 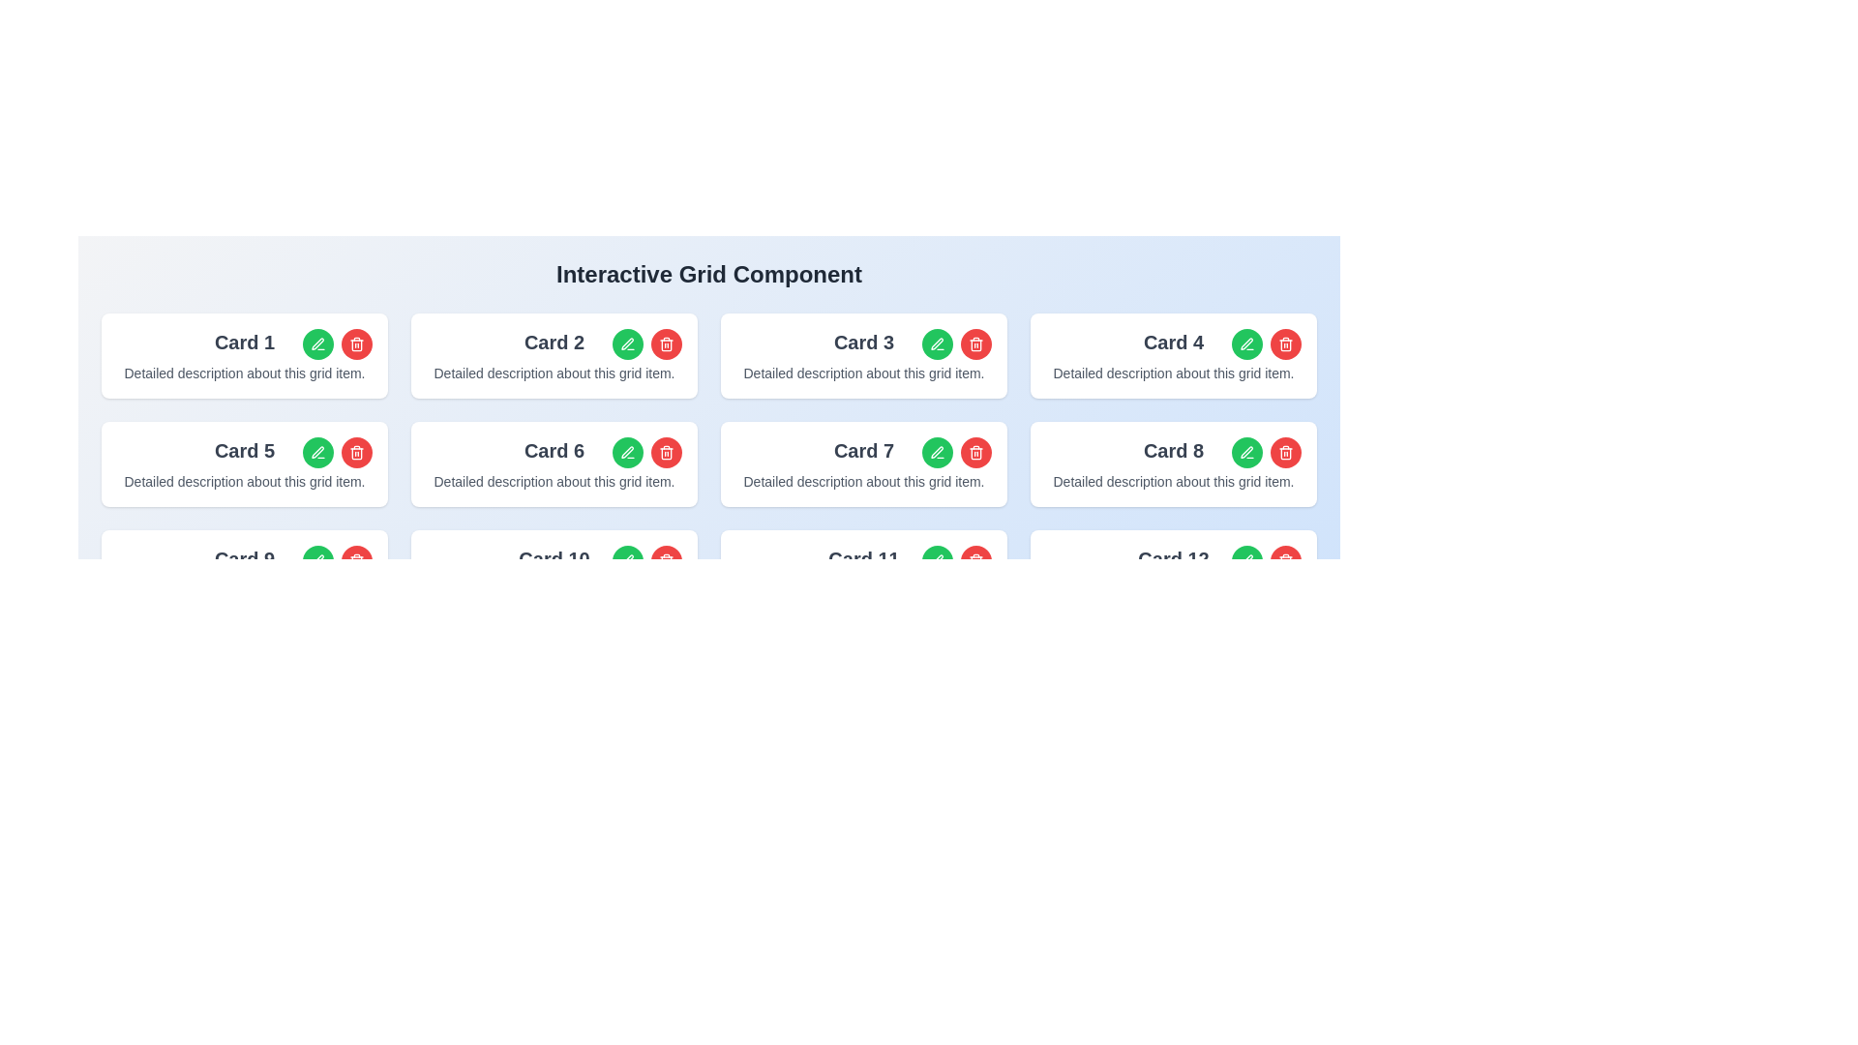 What do you see at coordinates (627, 560) in the screenshot?
I see `the edit icon, which is a small graphic resembling a pen, located to the left of the delete icon in the button group for 'Card 10'` at bounding box center [627, 560].